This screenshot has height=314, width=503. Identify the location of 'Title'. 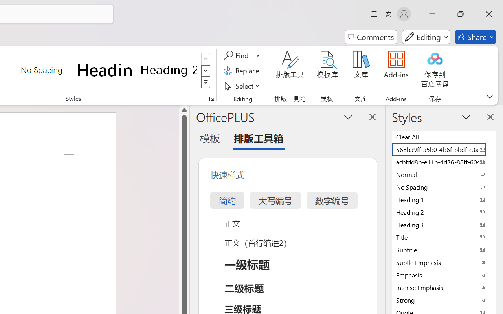
(444, 237).